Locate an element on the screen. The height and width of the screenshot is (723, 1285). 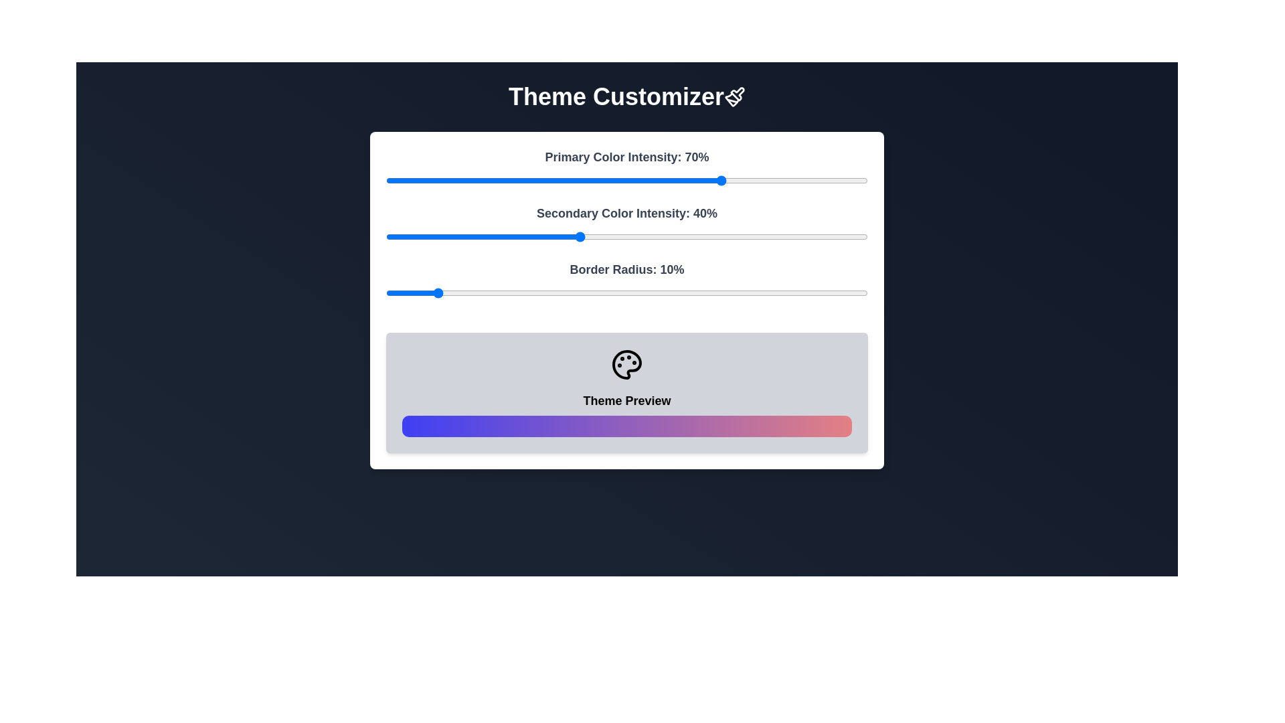
the Primary Color Intensity slider to 83% is located at coordinates (786, 181).